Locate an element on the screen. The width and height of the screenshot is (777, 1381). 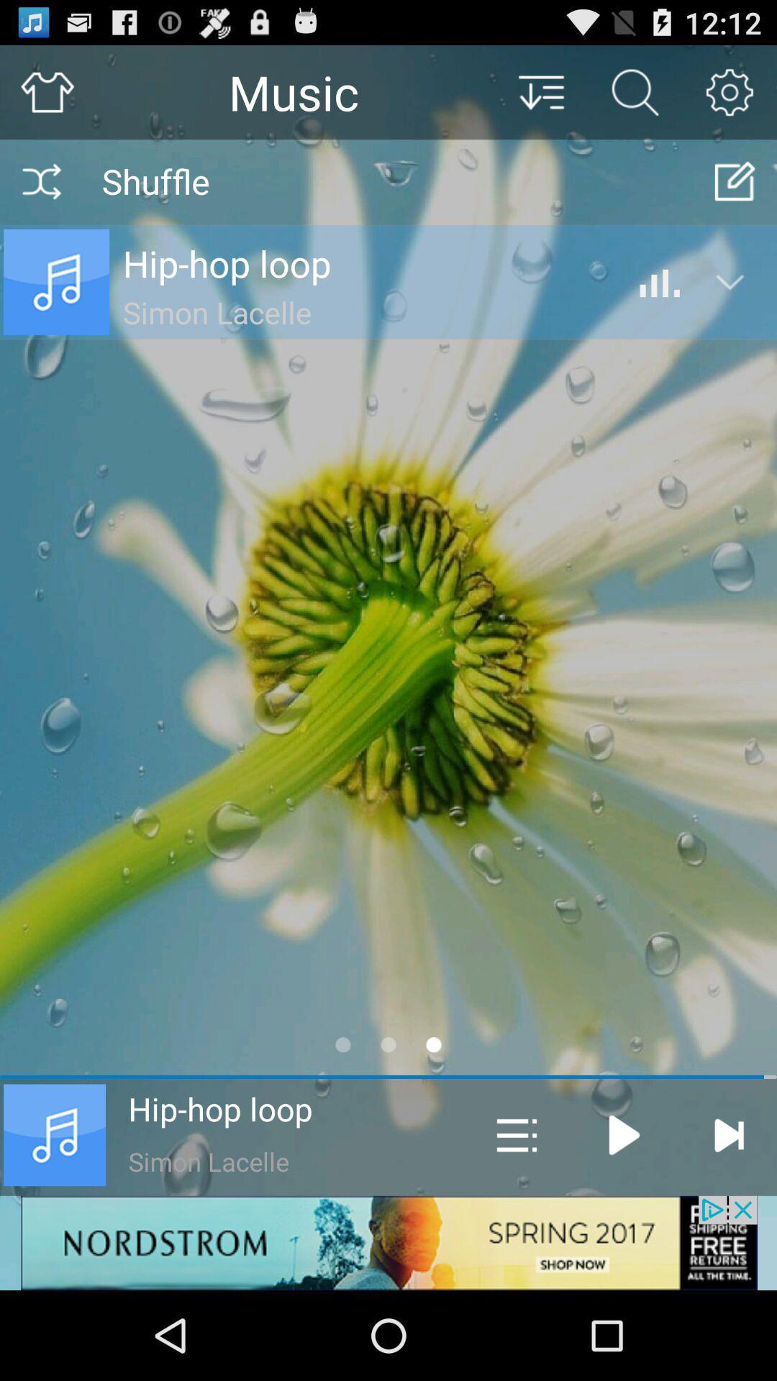
the play icon is located at coordinates (624, 1214).